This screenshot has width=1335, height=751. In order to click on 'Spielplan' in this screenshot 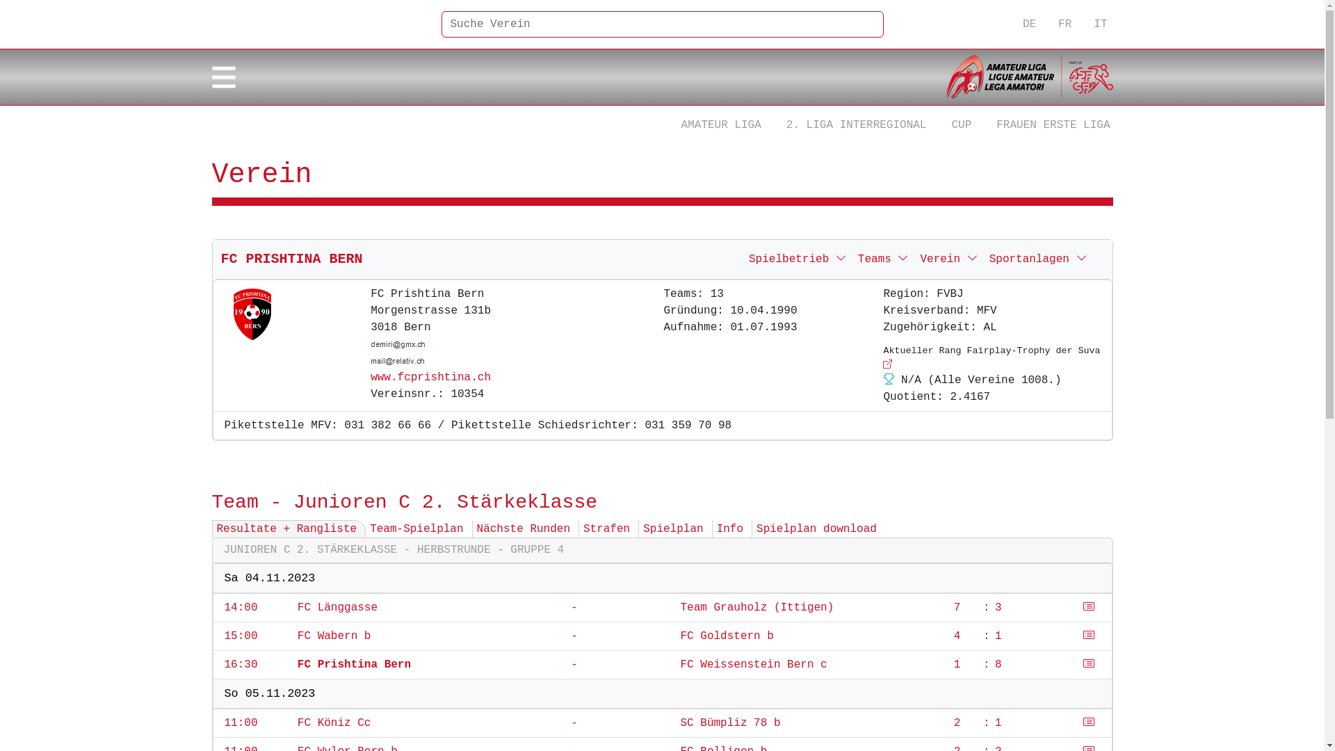, I will do `click(673, 528)`.